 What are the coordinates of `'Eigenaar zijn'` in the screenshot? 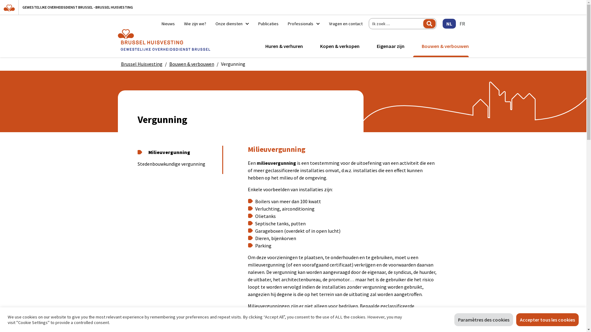 It's located at (390, 46).